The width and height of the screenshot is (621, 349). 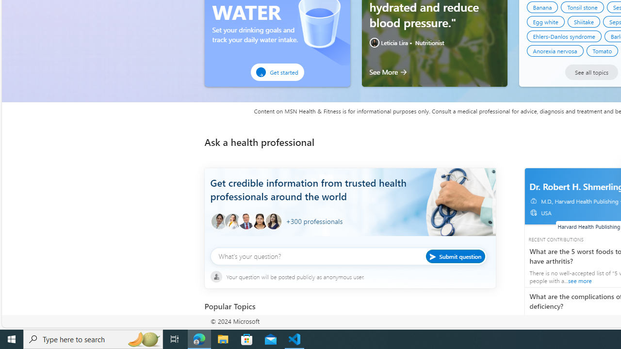 I want to click on 'What', so click(x=348, y=255).